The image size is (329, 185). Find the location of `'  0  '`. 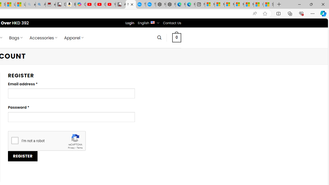

'  0  ' is located at coordinates (177, 37).